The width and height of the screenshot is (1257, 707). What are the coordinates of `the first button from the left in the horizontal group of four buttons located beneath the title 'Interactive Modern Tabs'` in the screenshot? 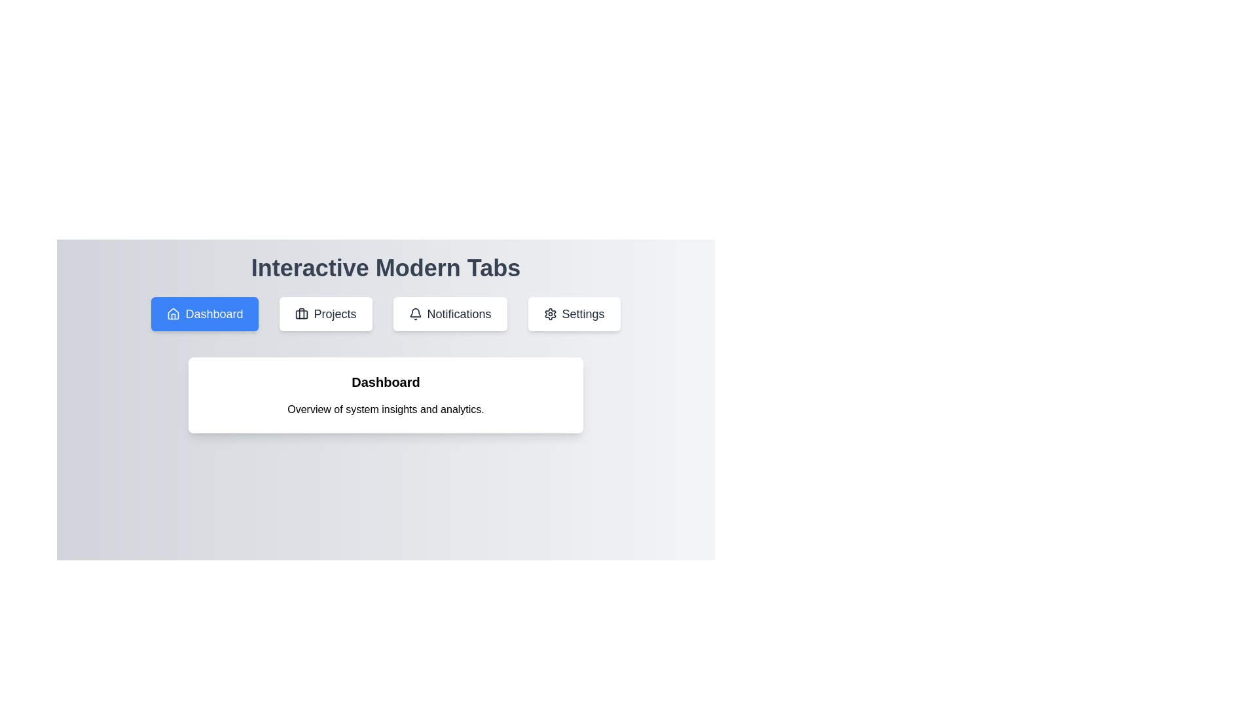 It's located at (204, 314).